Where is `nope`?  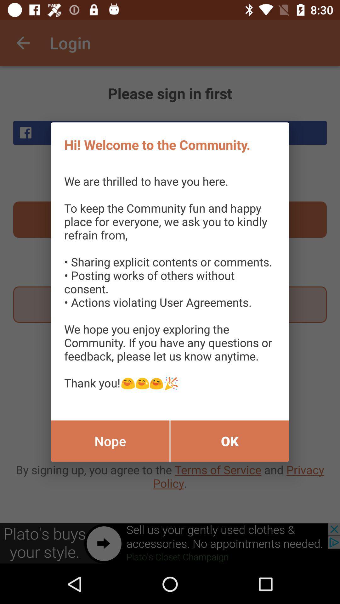 nope is located at coordinates (110, 441).